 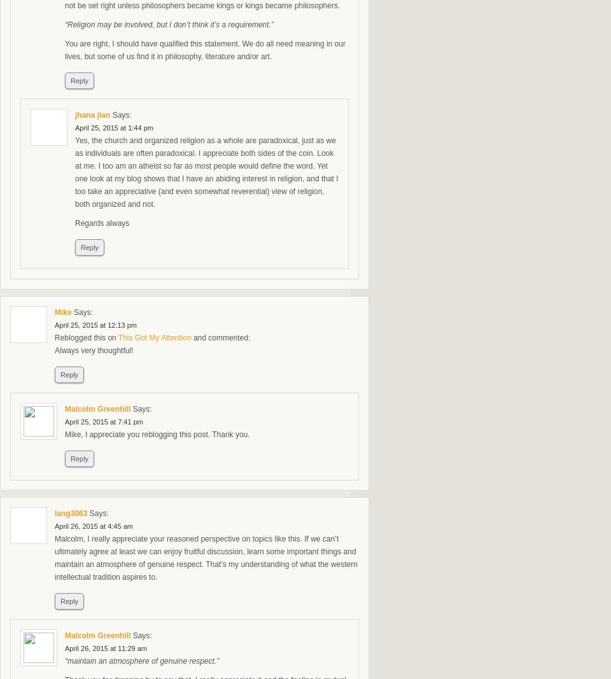 What do you see at coordinates (74, 115) in the screenshot?
I see `'jhana jian'` at bounding box center [74, 115].